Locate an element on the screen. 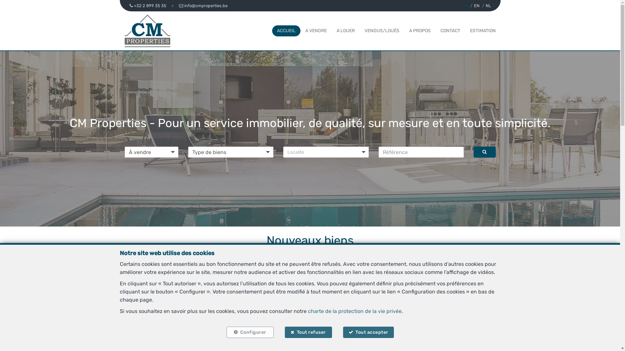 This screenshot has height=351, width=625. 'Tout accepter' is located at coordinates (368, 332).